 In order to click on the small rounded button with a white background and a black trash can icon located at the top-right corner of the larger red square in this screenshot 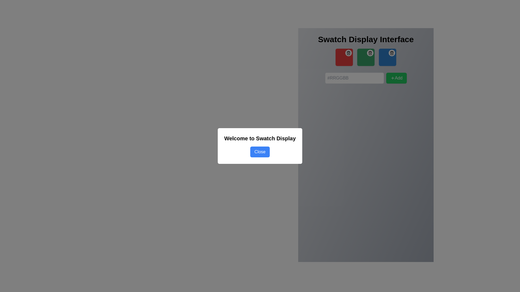, I will do `click(348, 53)`.